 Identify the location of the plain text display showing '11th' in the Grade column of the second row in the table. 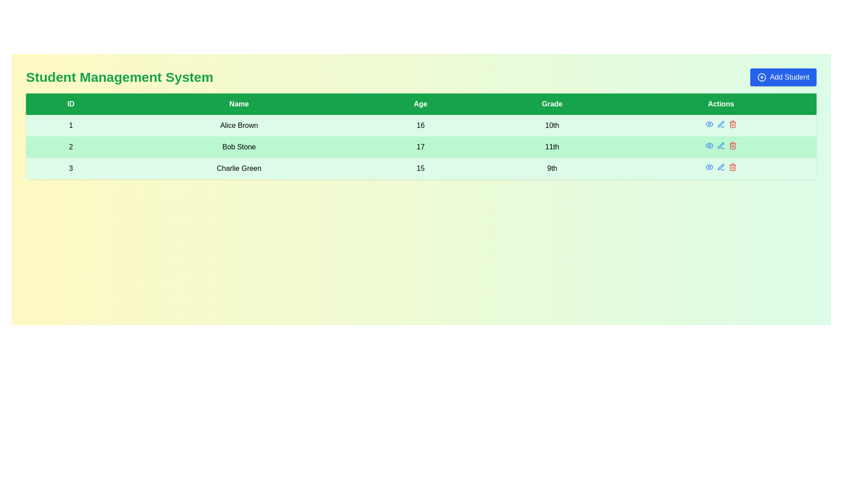
(551, 146).